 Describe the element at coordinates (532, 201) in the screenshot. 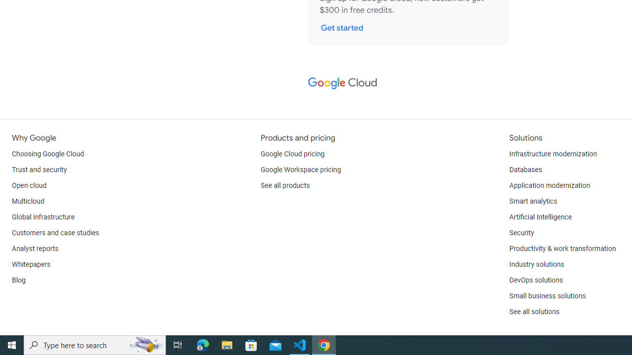

I see `'Smart analytics'` at that location.